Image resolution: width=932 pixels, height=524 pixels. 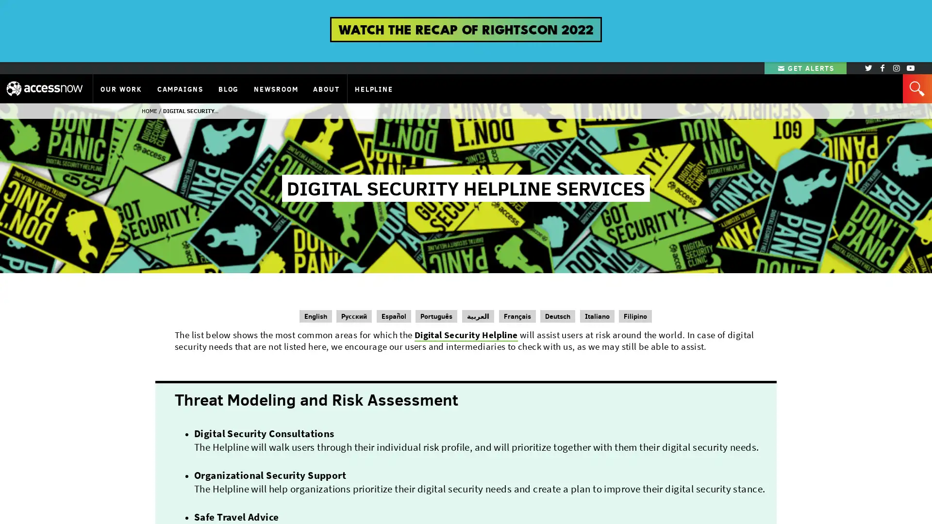 I want to click on Search, so click(x=916, y=98).